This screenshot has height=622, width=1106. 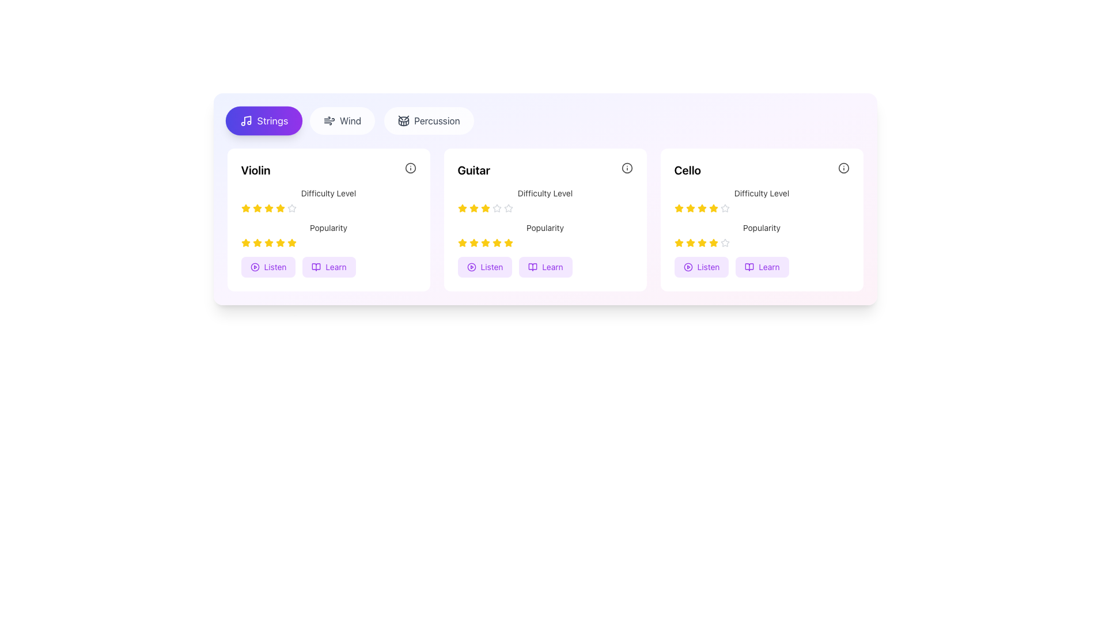 What do you see at coordinates (485, 208) in the screenshot?
I see `the fourth star icon in the rating system for the 'Guitar' card, which is styled with a yellow fill and outlines, representing the 'Difficulty Level'` at bounding box center [485, 208].